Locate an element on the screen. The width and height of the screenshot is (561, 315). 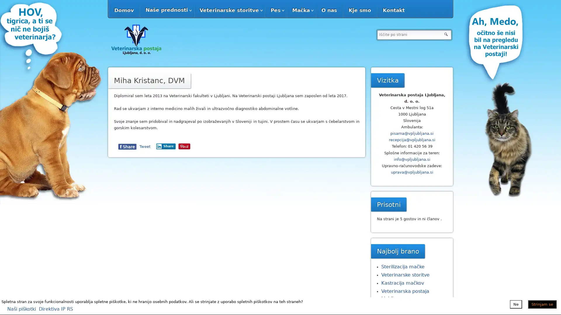
Ne is located at coordinates (516, 304).